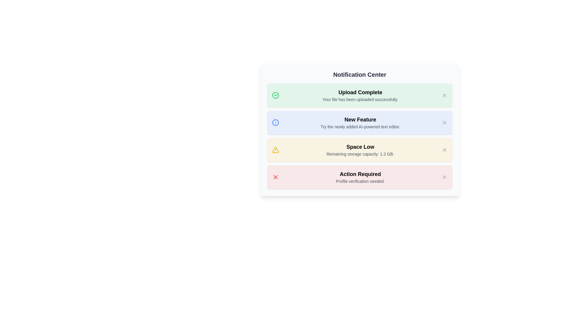 Image resolution: width=569 pixels, height=320 pixels. Describe the element at coordinates (444, 95) in the screenshot. I see `the small 'X' icon in the 'Upload Complete' notification card` at that location.